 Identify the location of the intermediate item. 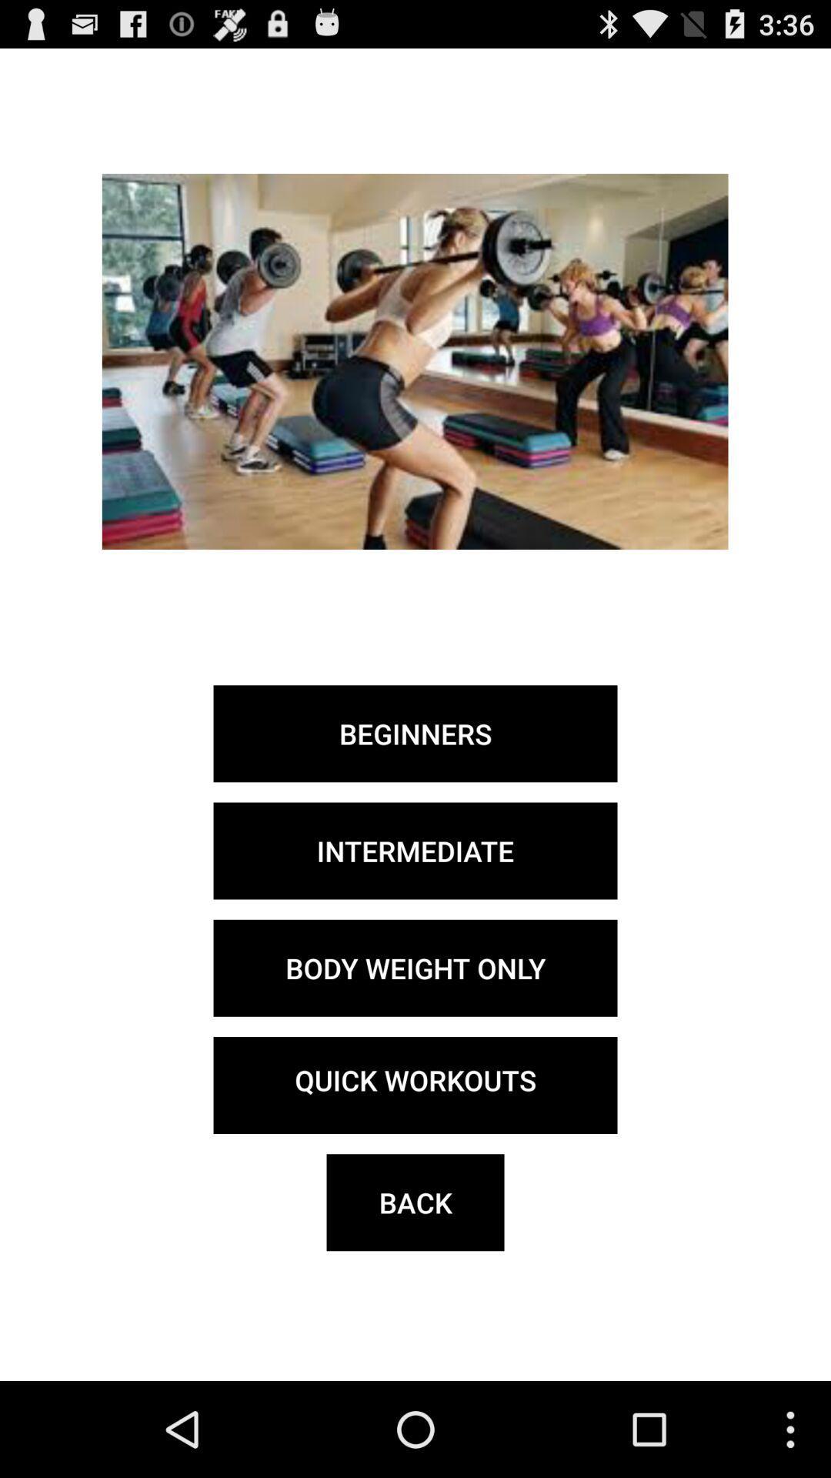
(415, 850).